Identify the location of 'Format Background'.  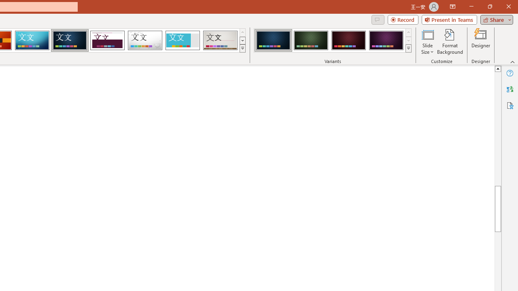
(450, 42).